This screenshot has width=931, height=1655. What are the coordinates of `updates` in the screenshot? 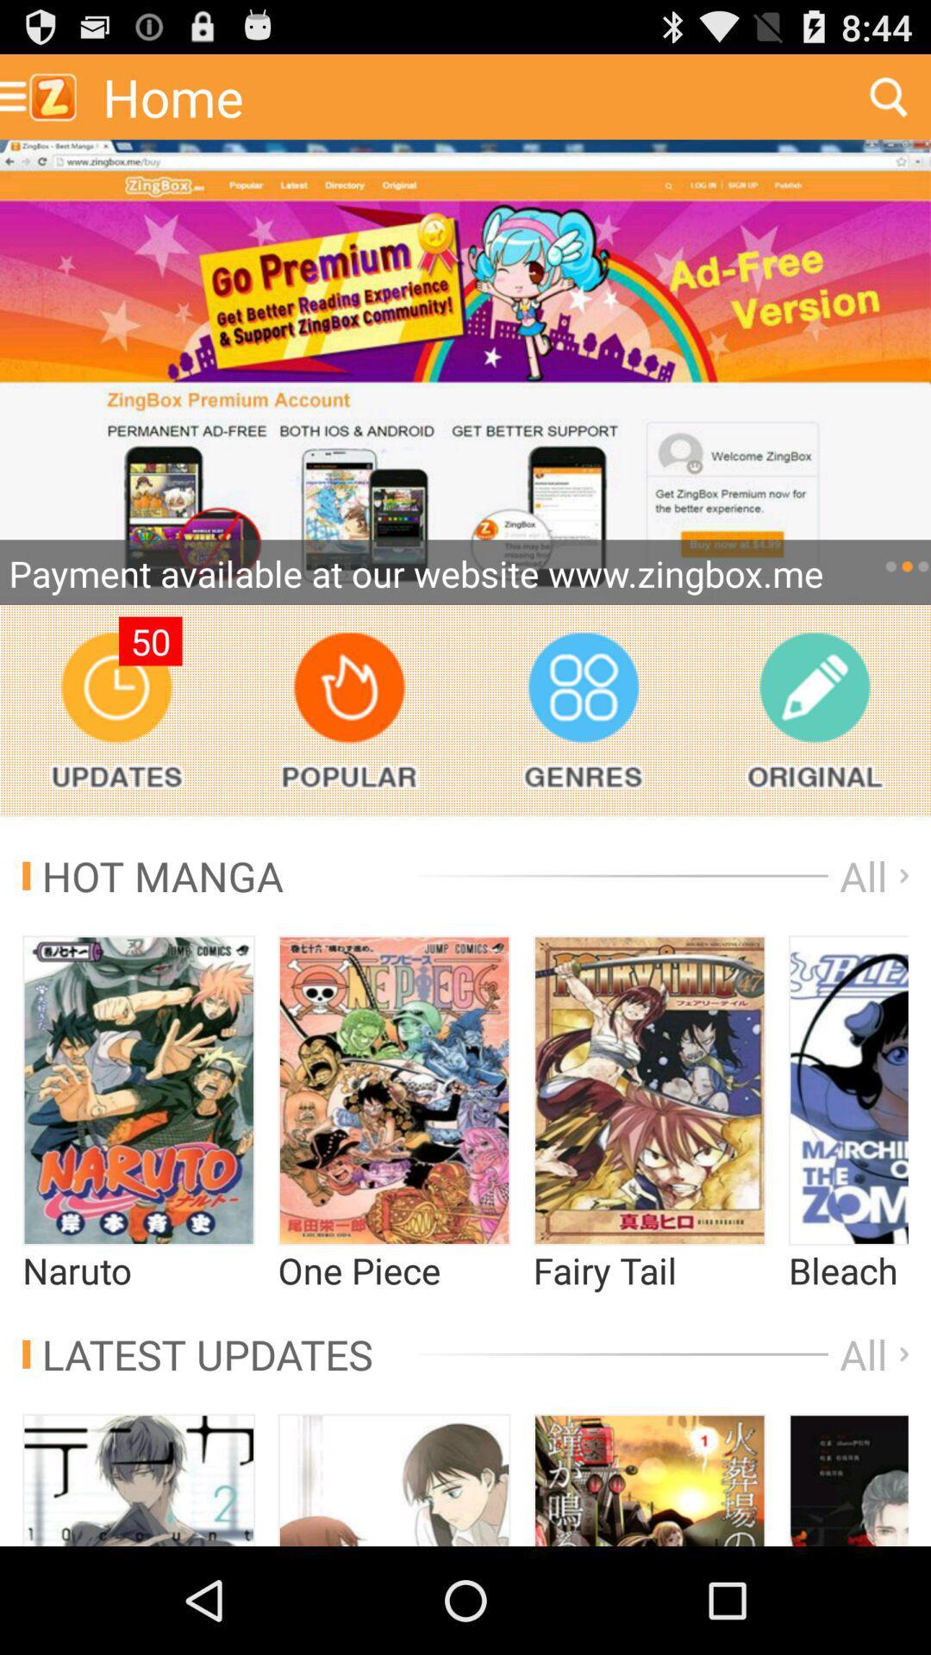 It's located at (116, 710).